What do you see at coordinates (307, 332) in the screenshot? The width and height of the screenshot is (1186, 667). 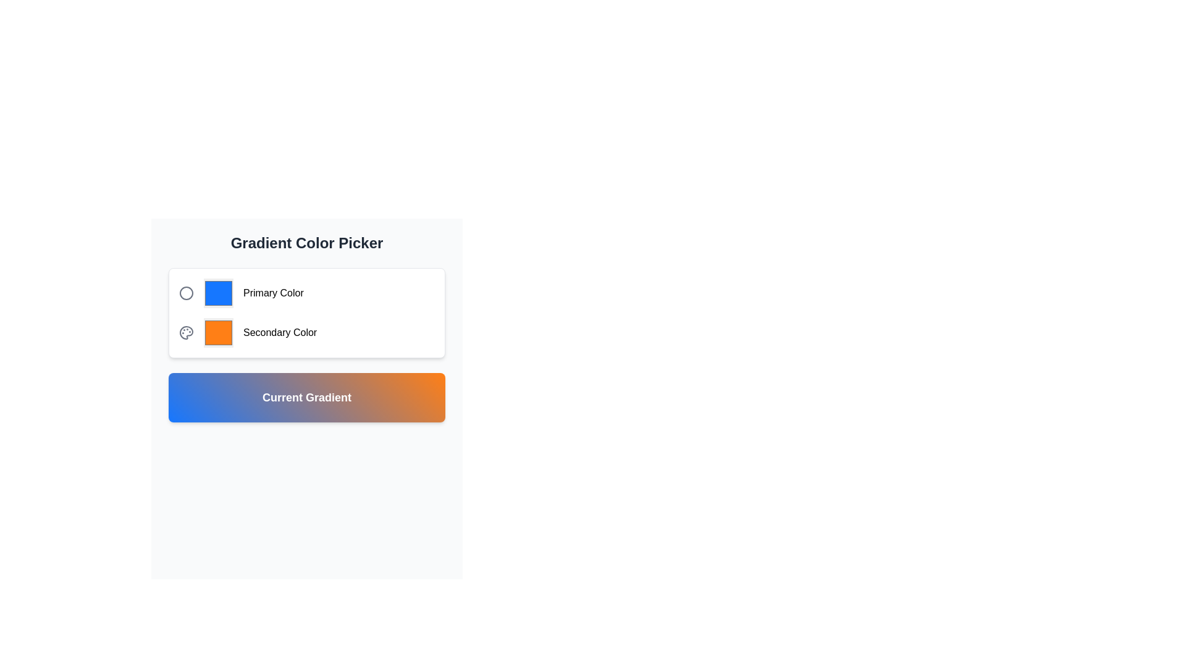 I see `the interactive color input label located in the 'Gradient Color Picker' section, which allows customization of the secondary color` at bounding box center [307, 332].